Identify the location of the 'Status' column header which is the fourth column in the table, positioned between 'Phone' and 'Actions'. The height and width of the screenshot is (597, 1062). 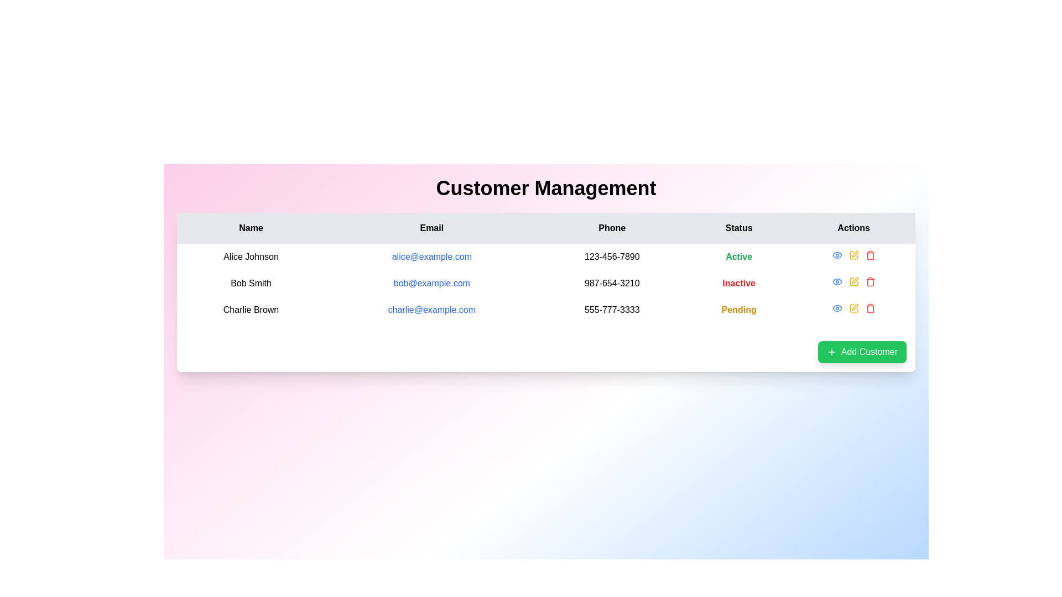
(739, 227).